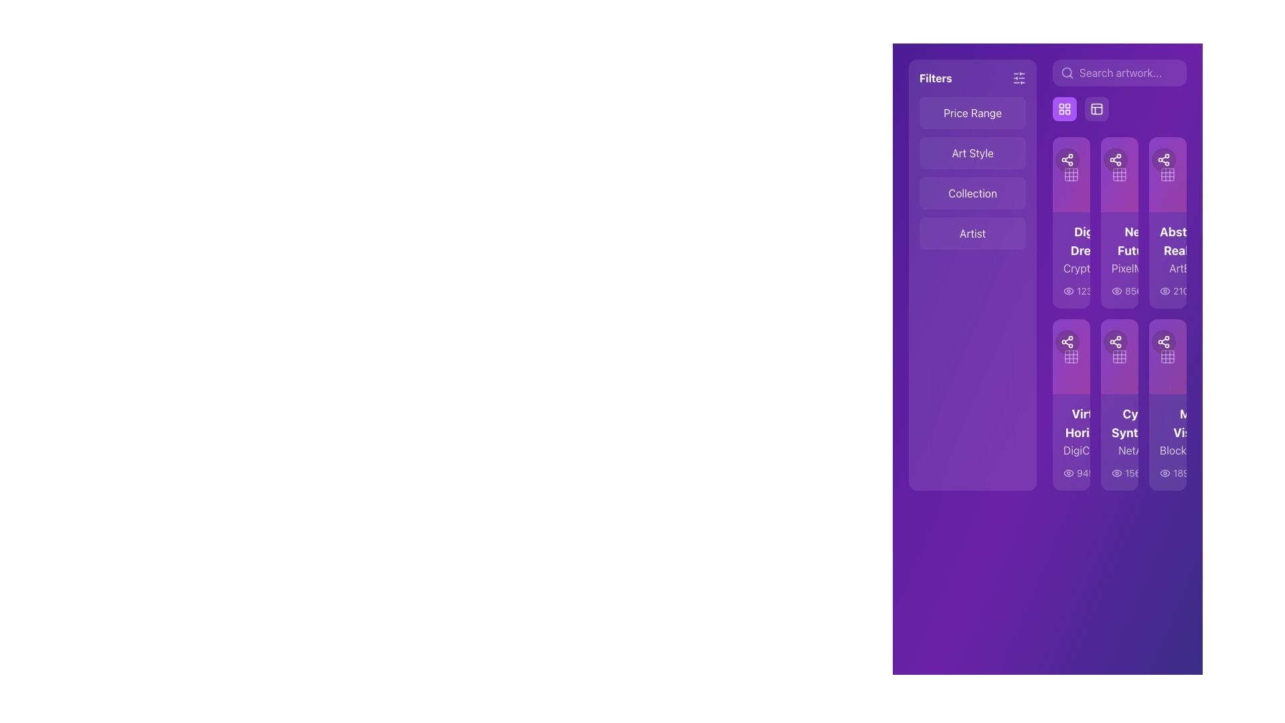 The width and height of the screenshot is (1285, 723). I want to click on the purple square-shaped icon with rounded corners located in the second position of the top row in a 3x3 grid layout, so click(1120, 174).